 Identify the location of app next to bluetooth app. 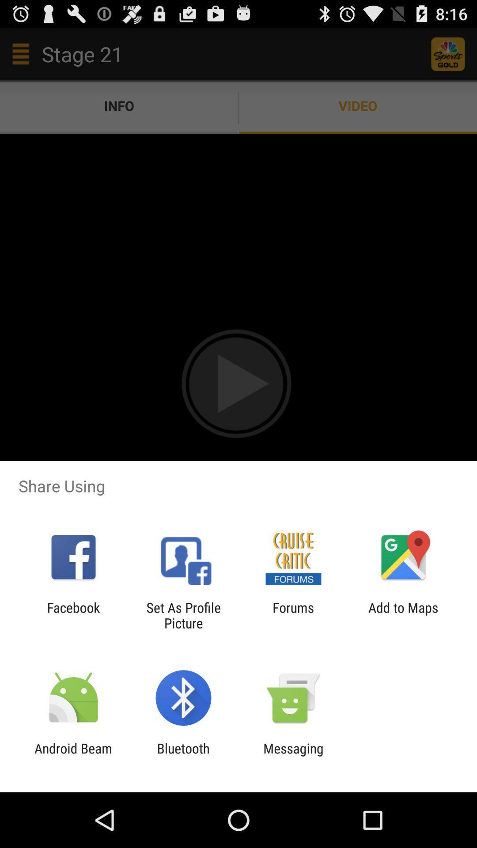
(73, 756).